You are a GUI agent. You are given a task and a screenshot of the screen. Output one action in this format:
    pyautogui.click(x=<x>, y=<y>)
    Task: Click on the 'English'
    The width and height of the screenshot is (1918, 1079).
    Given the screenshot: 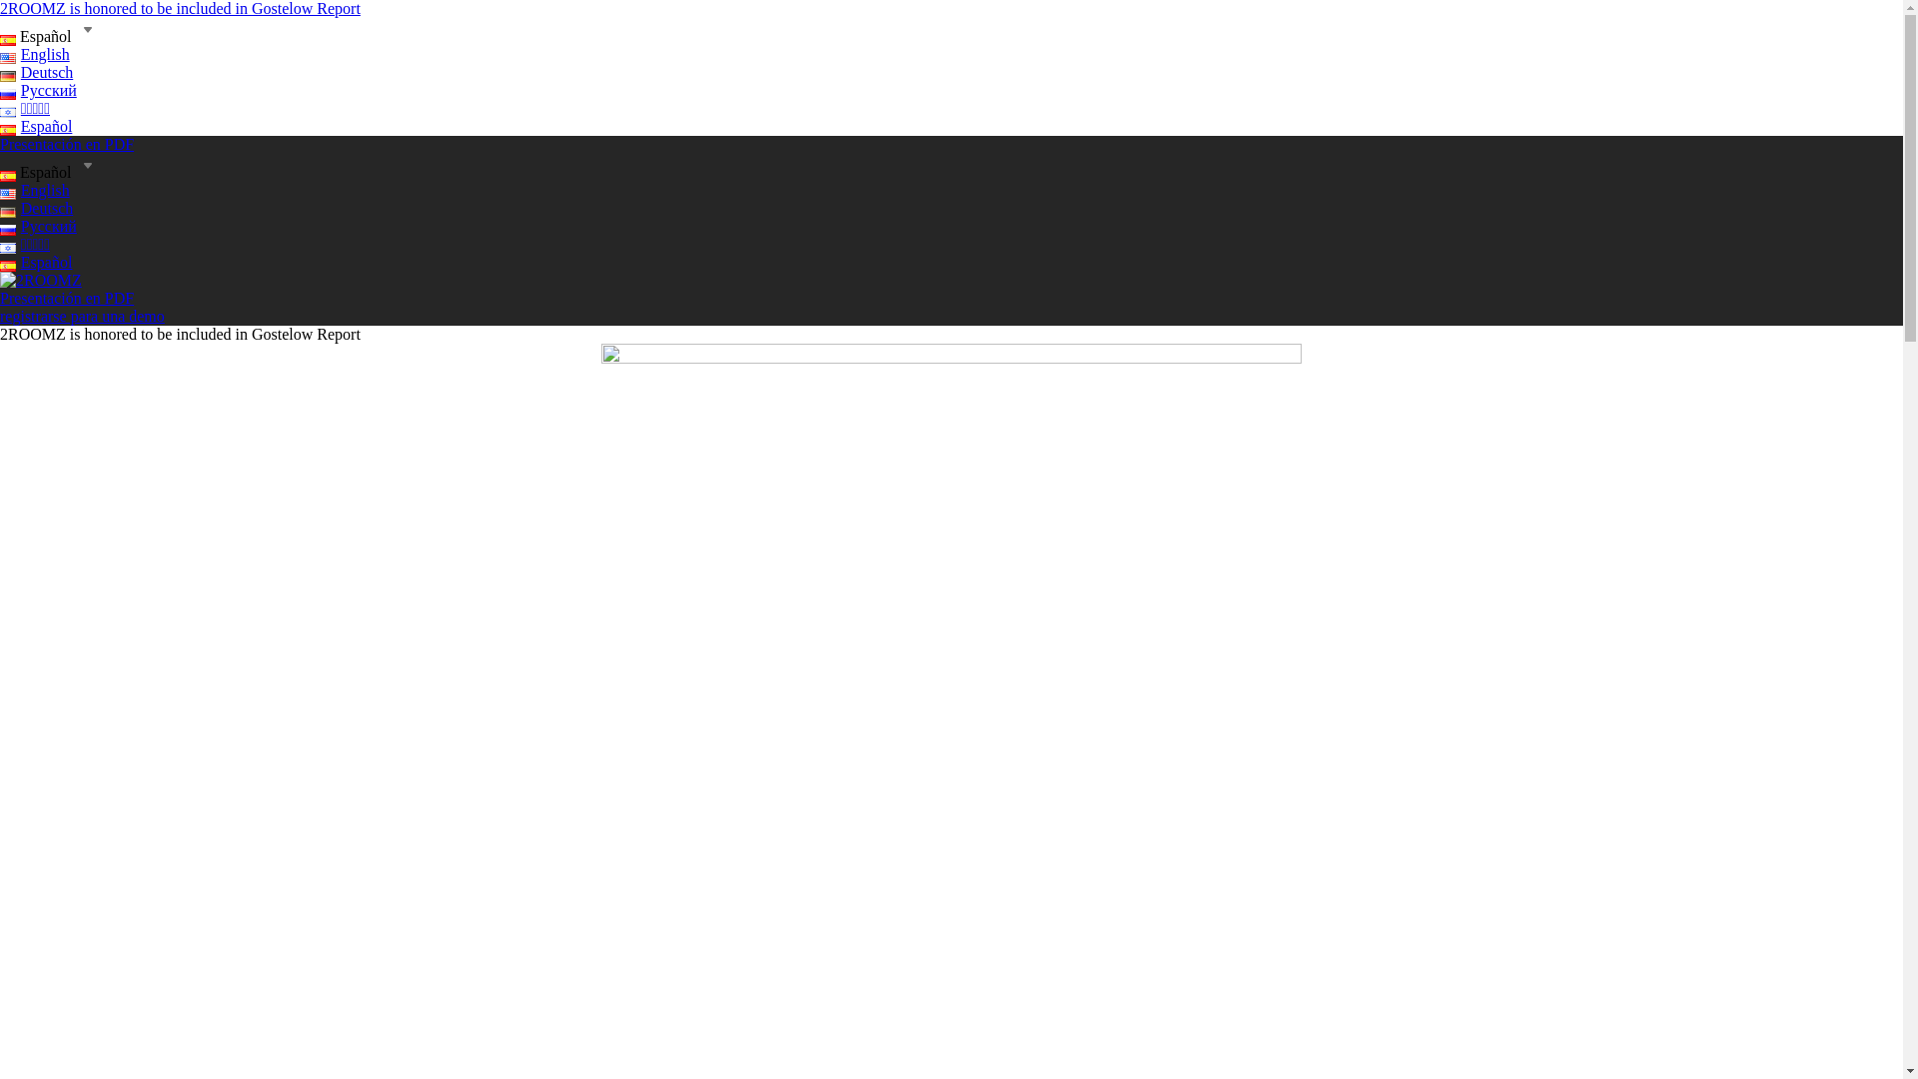 What is the action you would take?
    pyautogui.click(x=34, y=190)
    